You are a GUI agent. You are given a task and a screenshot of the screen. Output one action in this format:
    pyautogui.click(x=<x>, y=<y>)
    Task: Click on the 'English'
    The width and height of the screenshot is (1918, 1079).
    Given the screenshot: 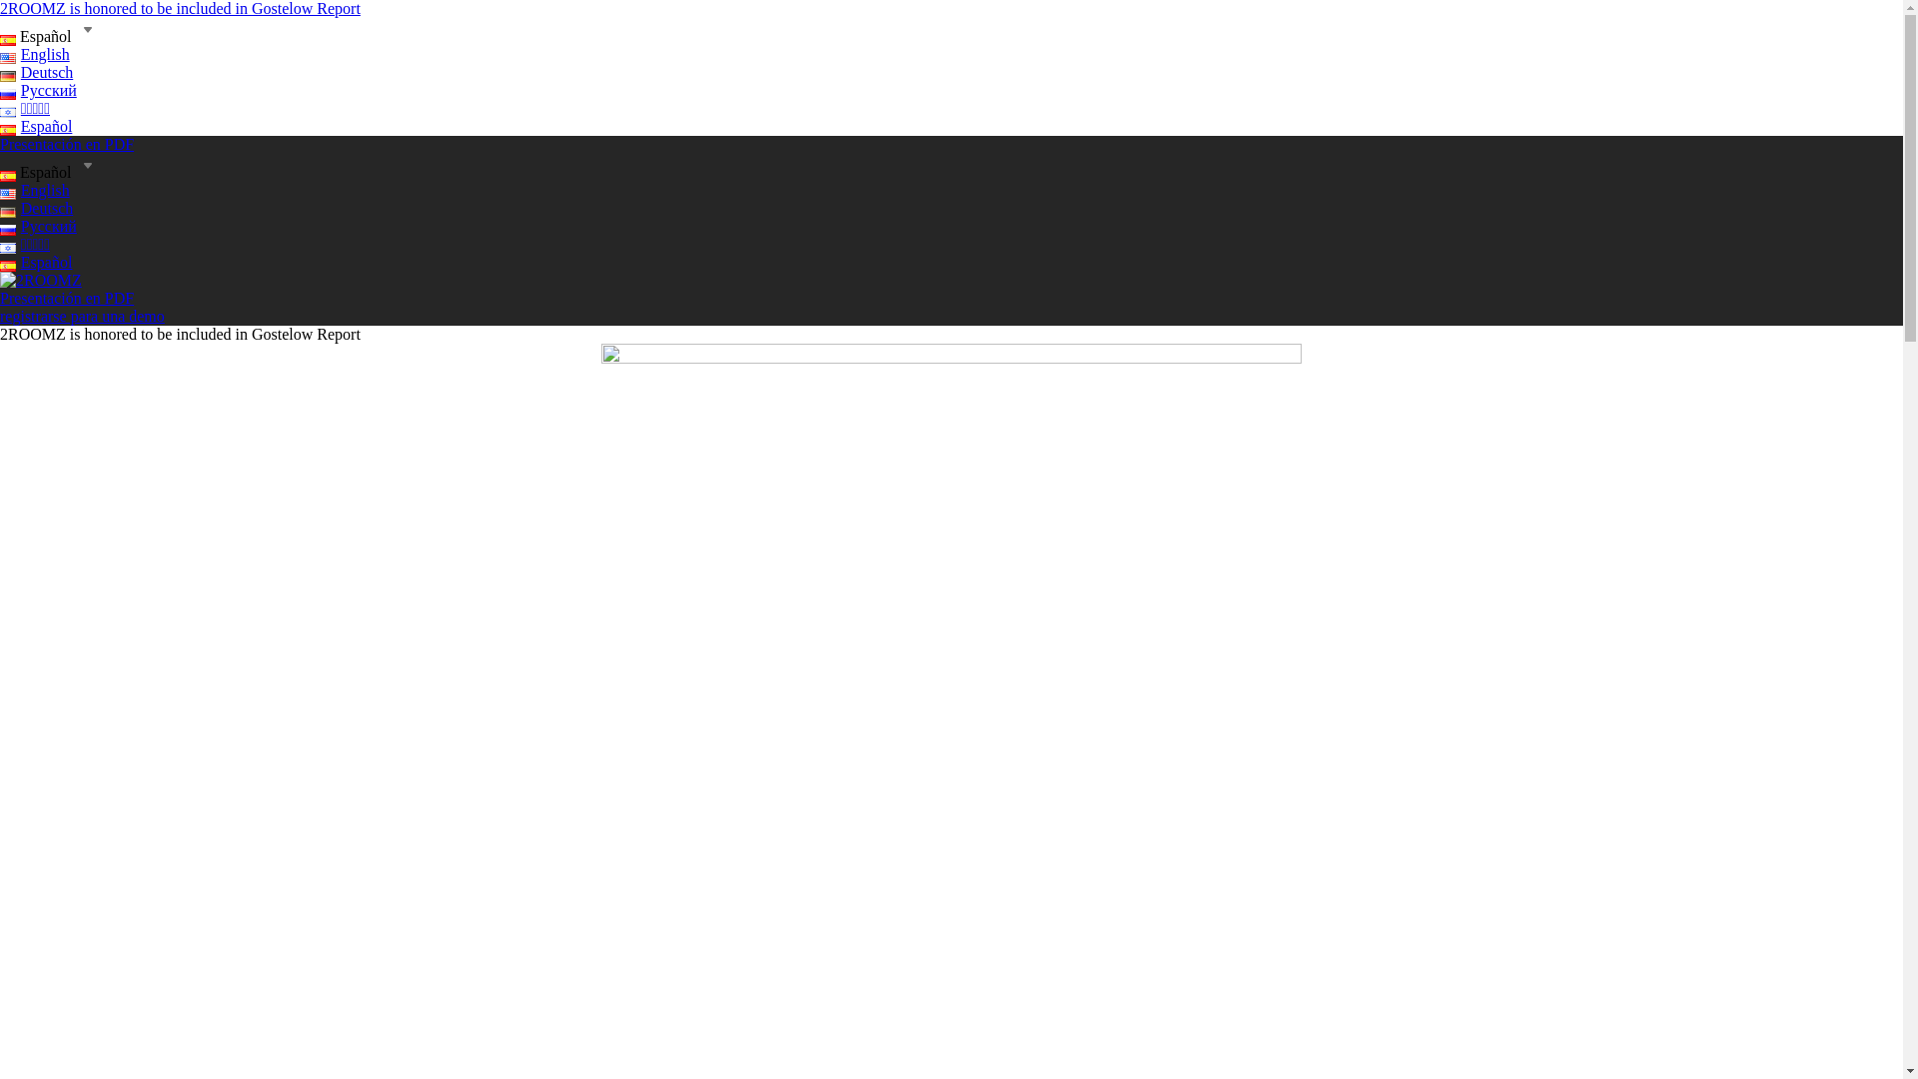 What is the action you would take?
    pyautogui.click(x=34, y=190)
    